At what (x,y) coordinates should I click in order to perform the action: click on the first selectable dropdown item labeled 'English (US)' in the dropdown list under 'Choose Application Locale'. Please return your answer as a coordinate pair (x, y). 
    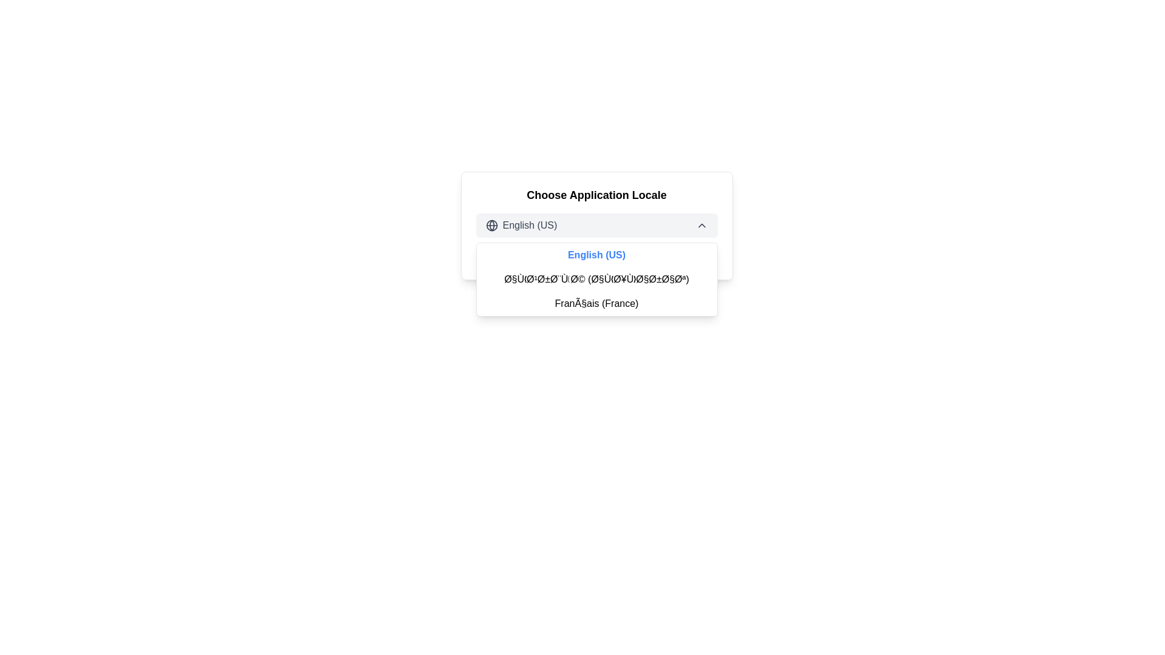
    Looking at the image, I should click on (521, 225).